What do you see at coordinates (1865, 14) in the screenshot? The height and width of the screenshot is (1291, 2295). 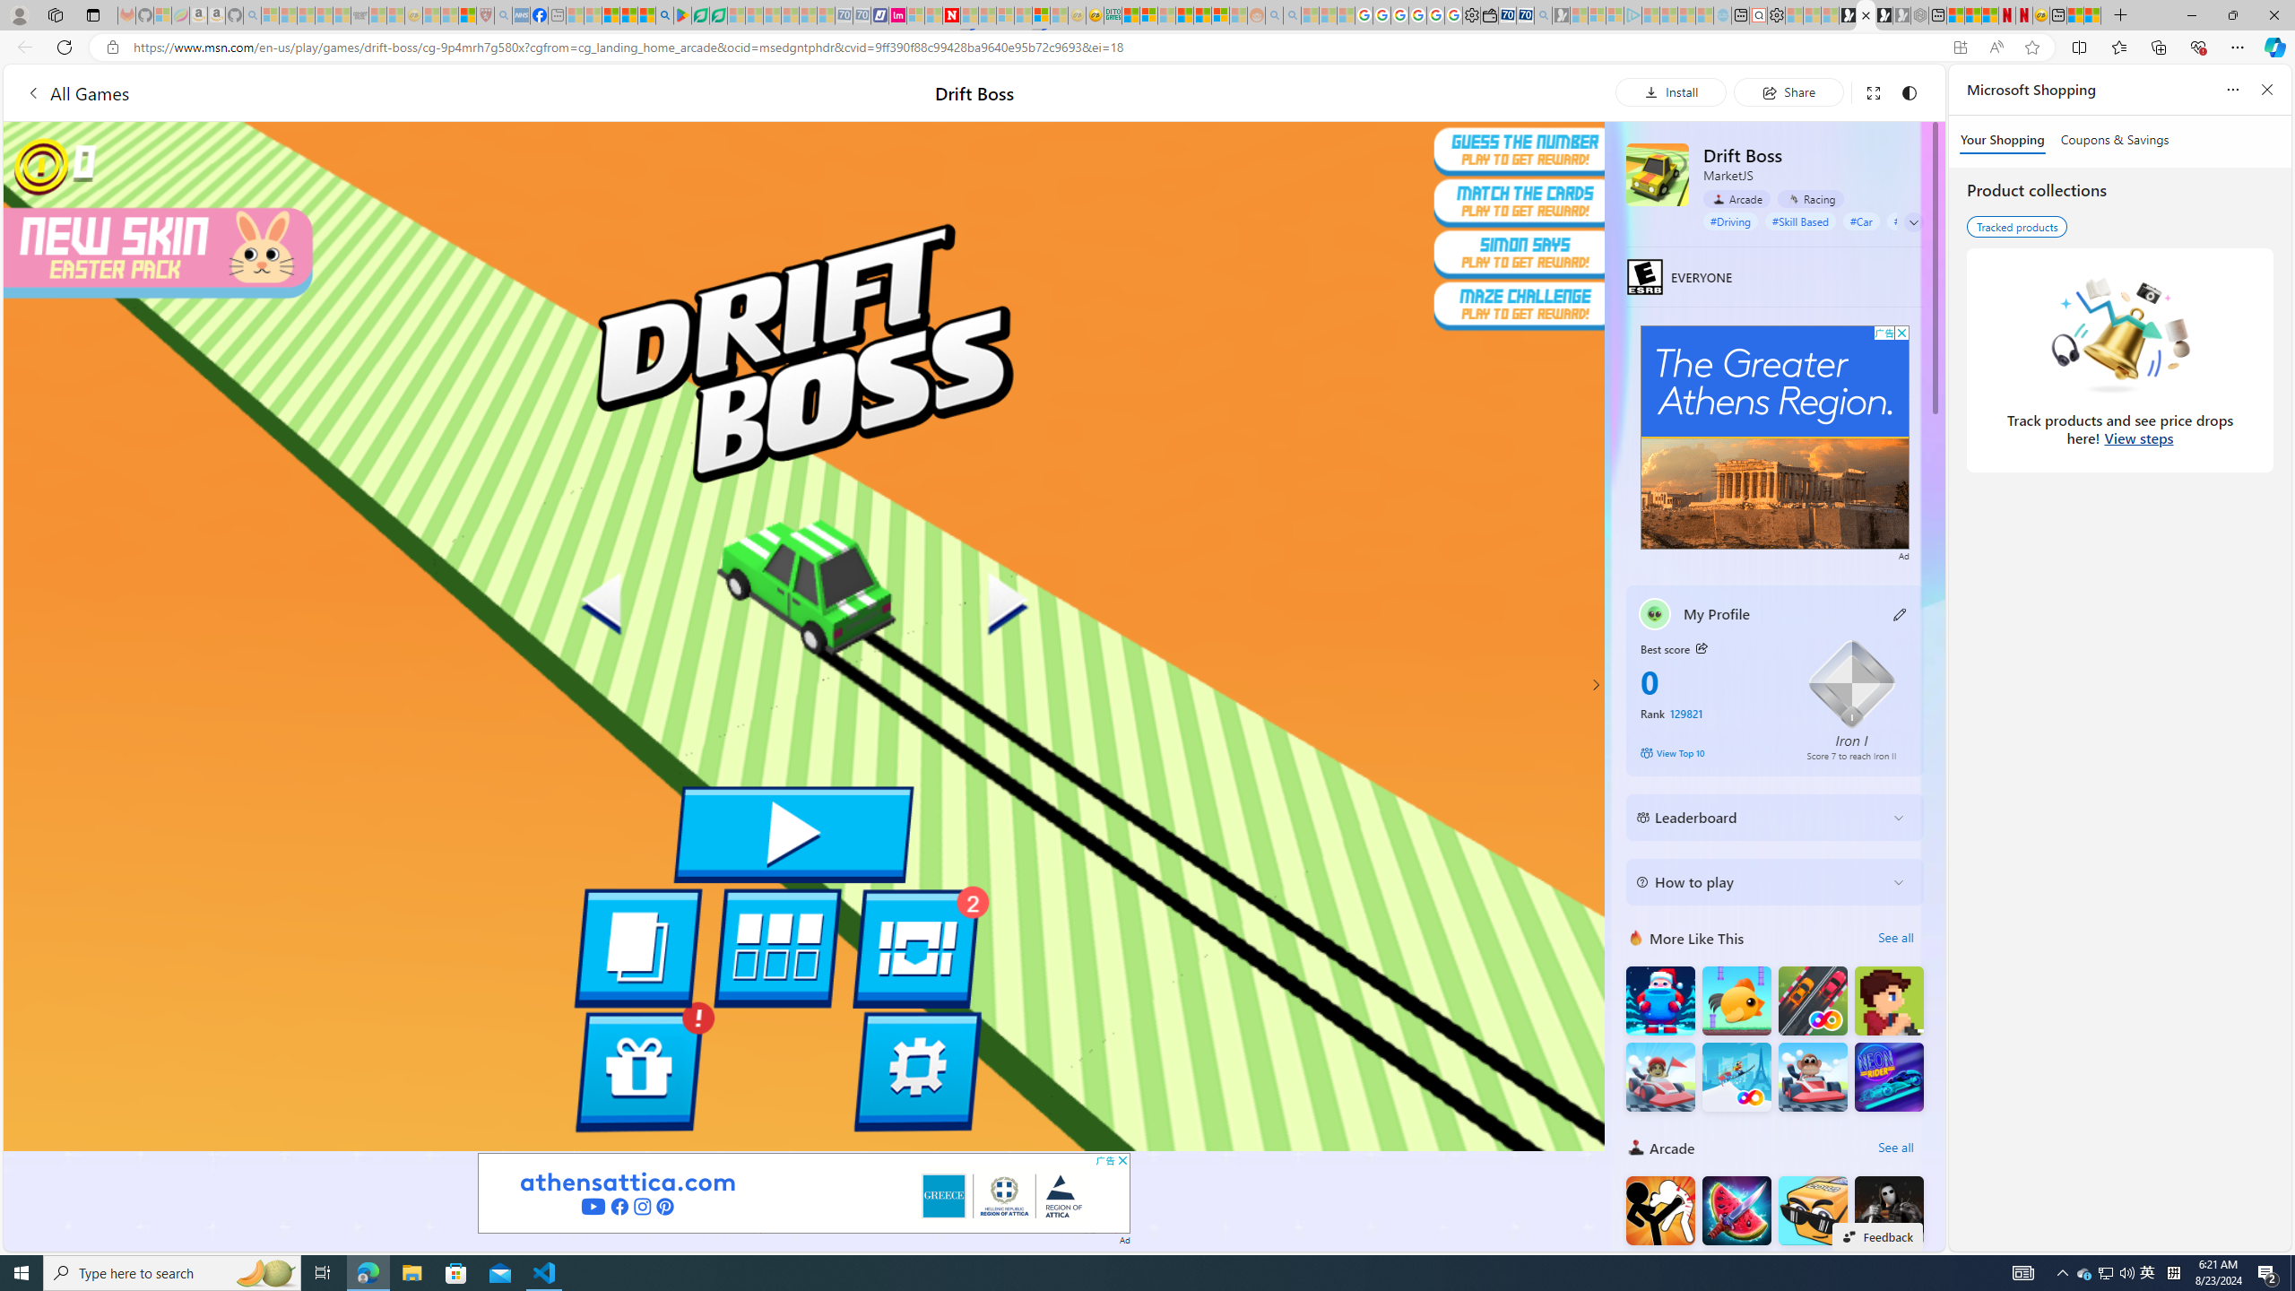 I see `'Close tab'` at bounding box center [1865, 14].